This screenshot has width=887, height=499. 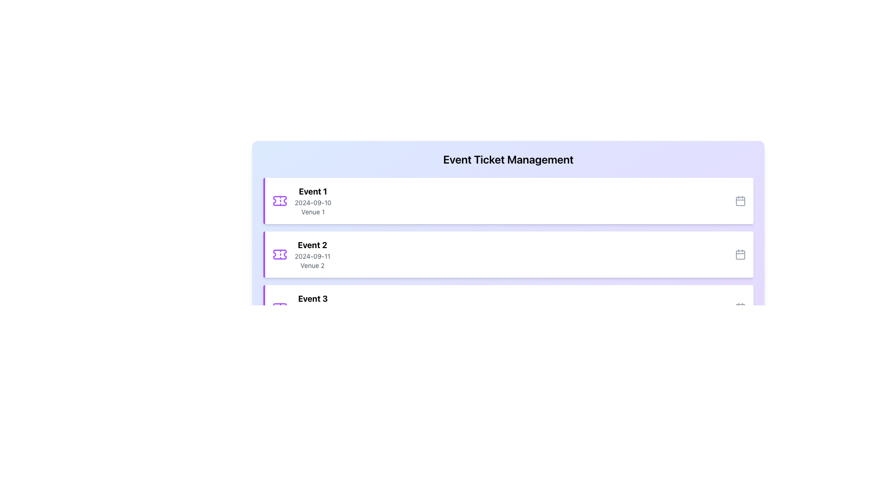 I want to click on the text label reading 'Venue 2' which is located beneath the date '2024-09-11' in the 'Event 2' section, so click(x=312, y=265).